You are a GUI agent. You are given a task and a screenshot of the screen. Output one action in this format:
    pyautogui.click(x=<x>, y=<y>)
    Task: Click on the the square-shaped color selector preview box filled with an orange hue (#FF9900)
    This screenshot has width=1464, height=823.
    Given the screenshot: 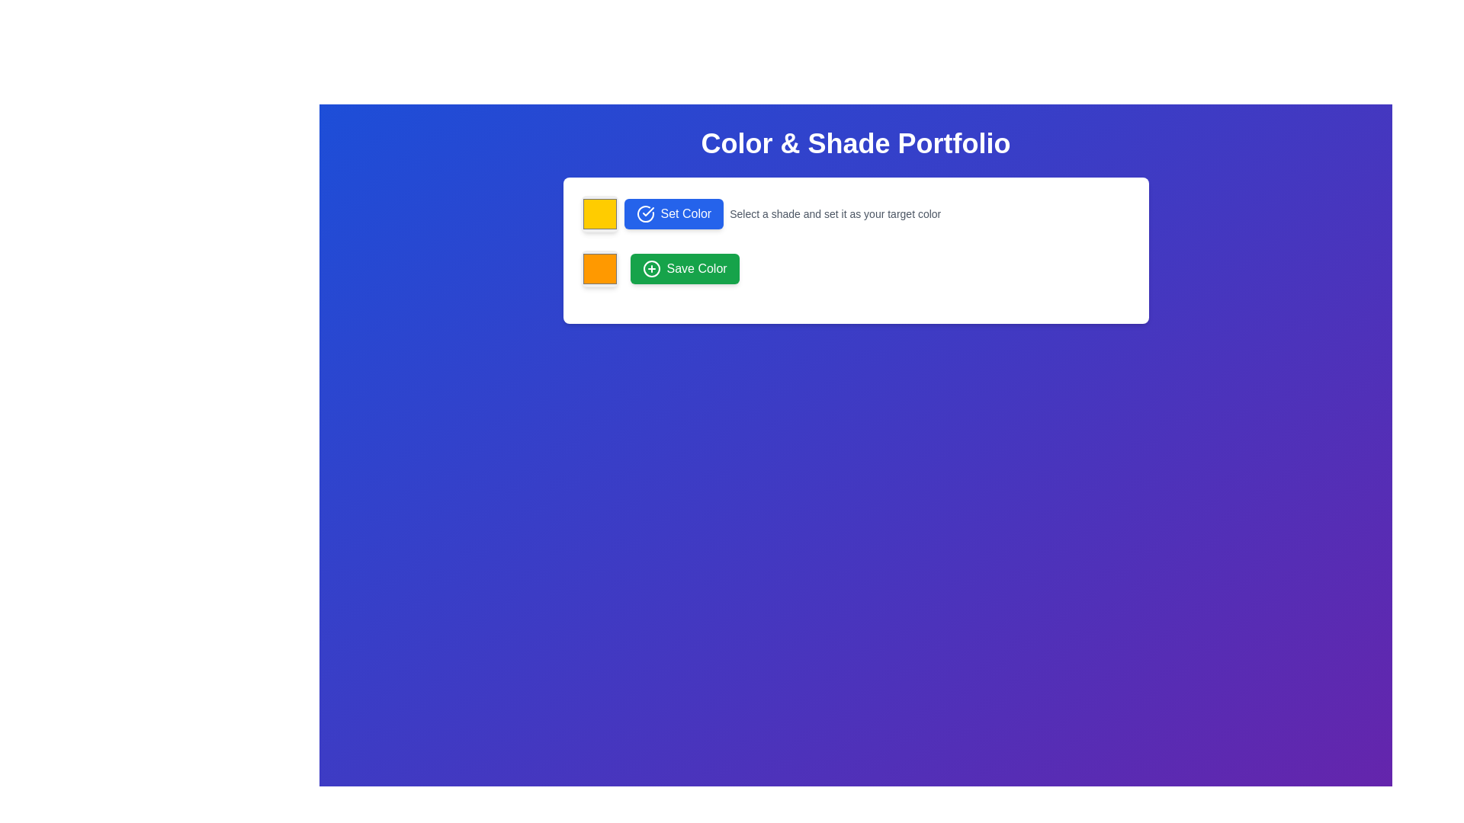 What is the action you would take?
    pyautogui.click(x=599, y=268)
    